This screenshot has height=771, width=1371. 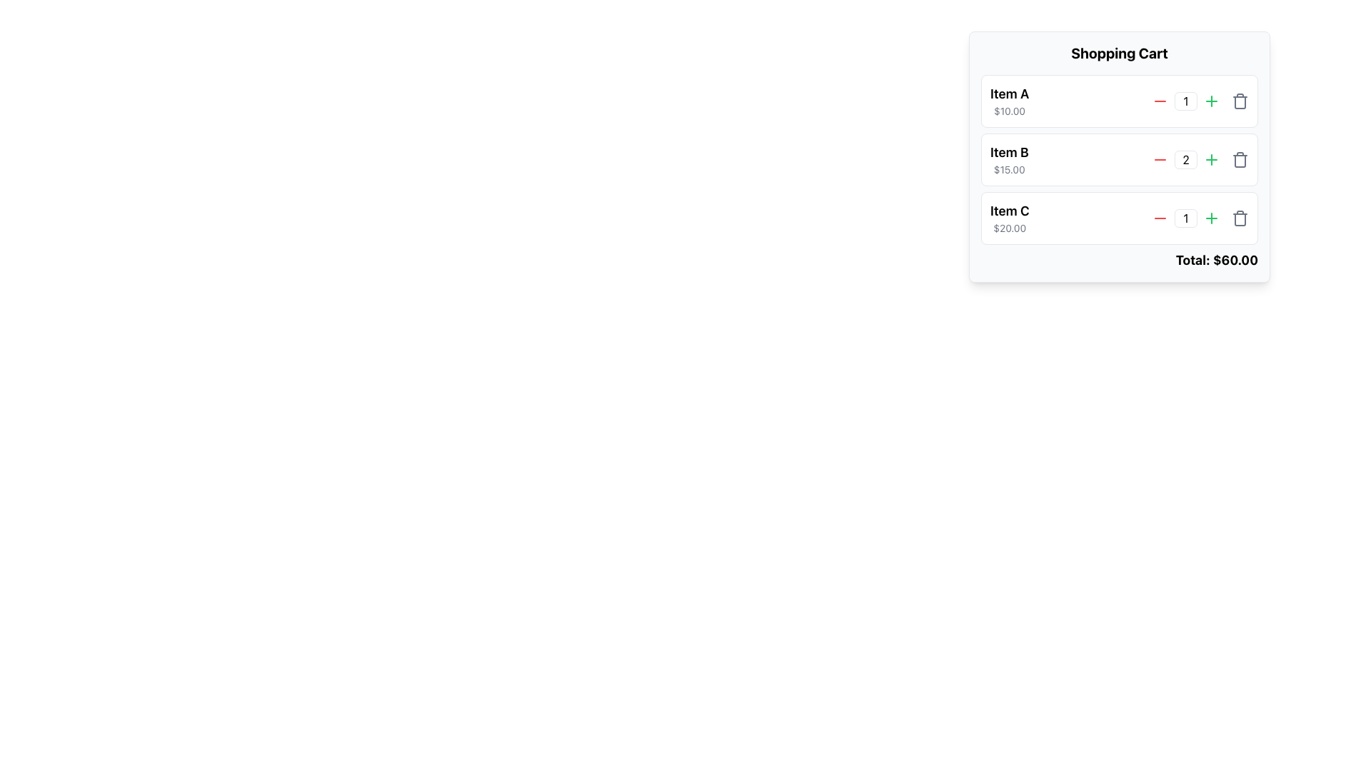 What do you see at coordinates (1119, 101) in the screenshot?
I see `the decrement button of the first shopping cart item labeled 'Item A' to decrease its quantity` at bounding box center [1119, 101].